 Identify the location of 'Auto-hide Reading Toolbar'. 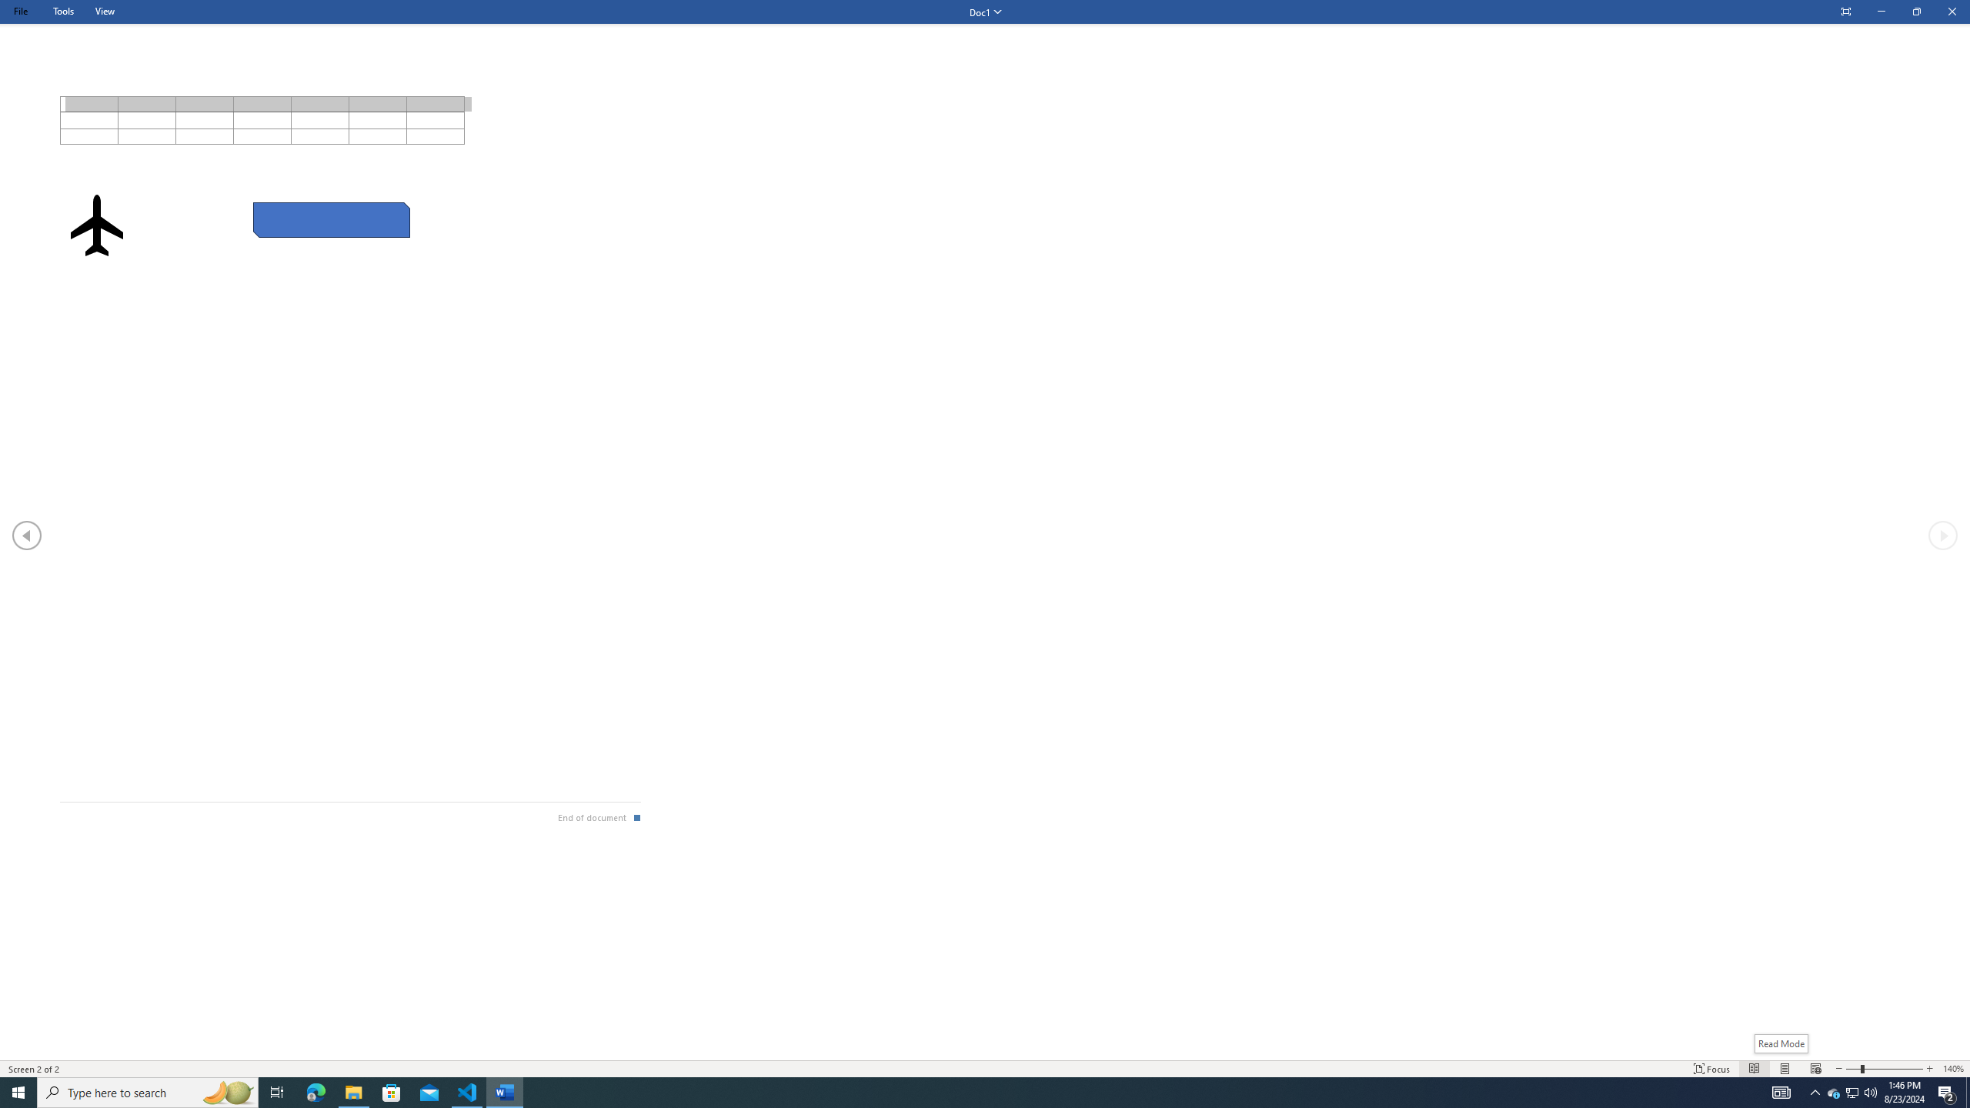
(1845, 12).